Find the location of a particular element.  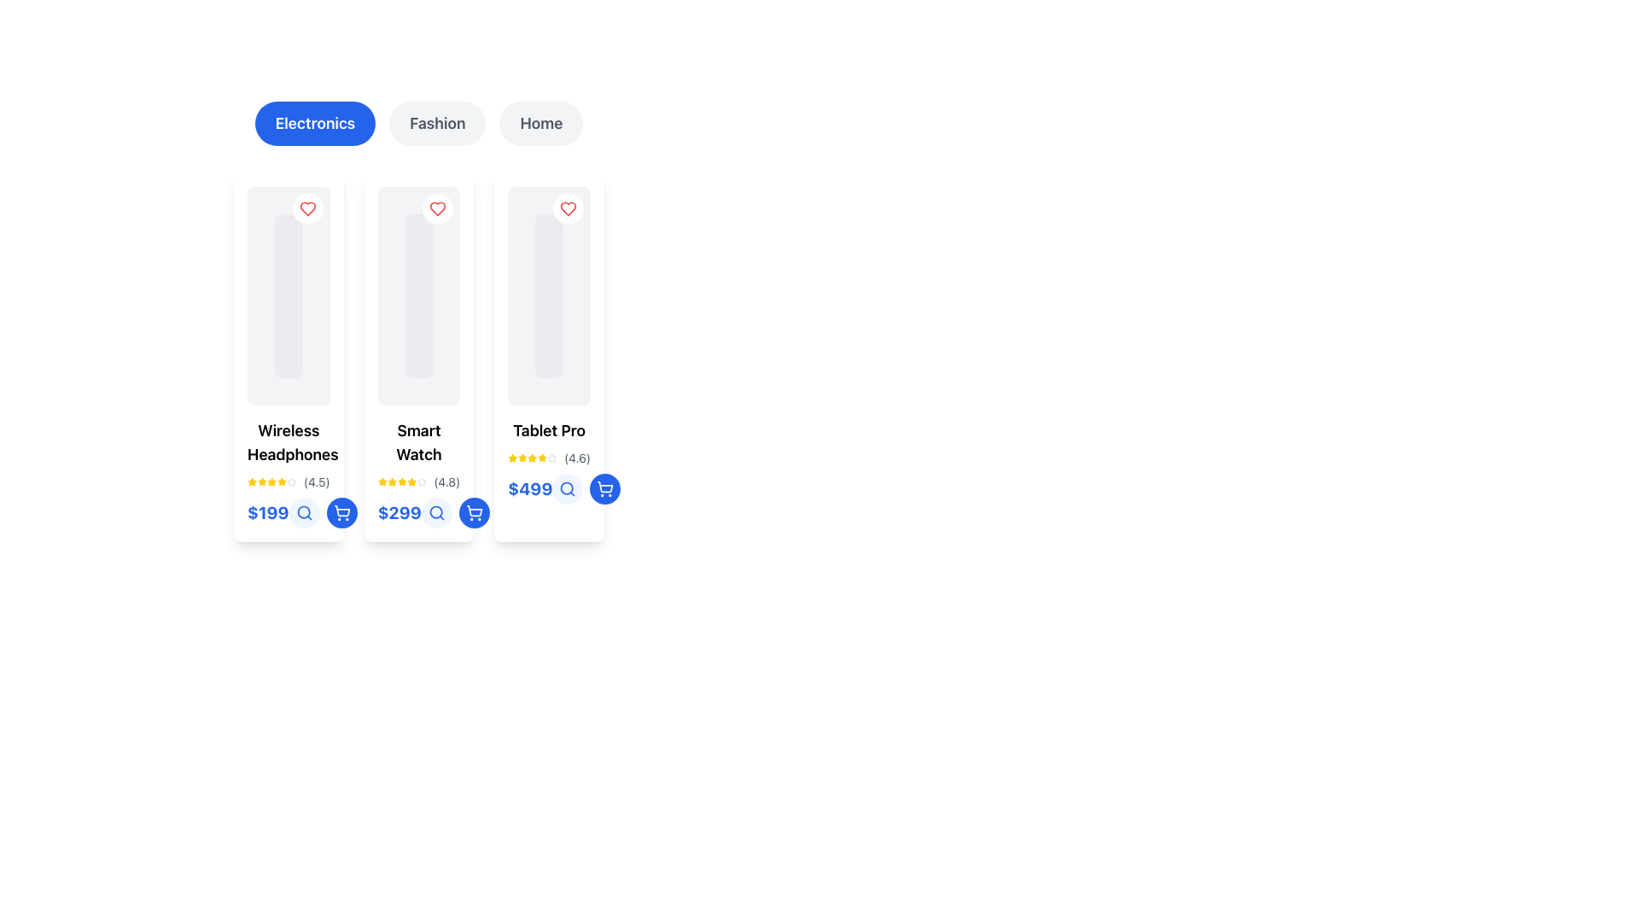

the fifth star-shaped icon outlined in gray to potentially mark it as rated in the rating scale for 'Wireless Headphones' is located at coordinates (291, 481).